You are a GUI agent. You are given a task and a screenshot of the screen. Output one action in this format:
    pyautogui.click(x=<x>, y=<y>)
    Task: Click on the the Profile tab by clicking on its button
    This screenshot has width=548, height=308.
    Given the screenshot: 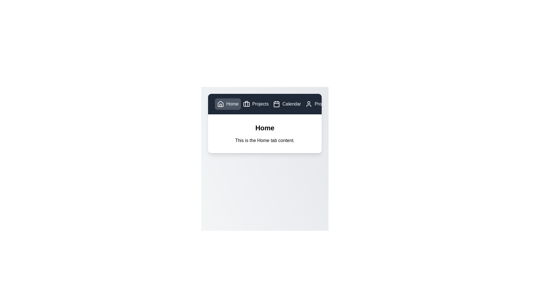 What is the action you would take?
    pyautogui.click(x=316, y=104)
    